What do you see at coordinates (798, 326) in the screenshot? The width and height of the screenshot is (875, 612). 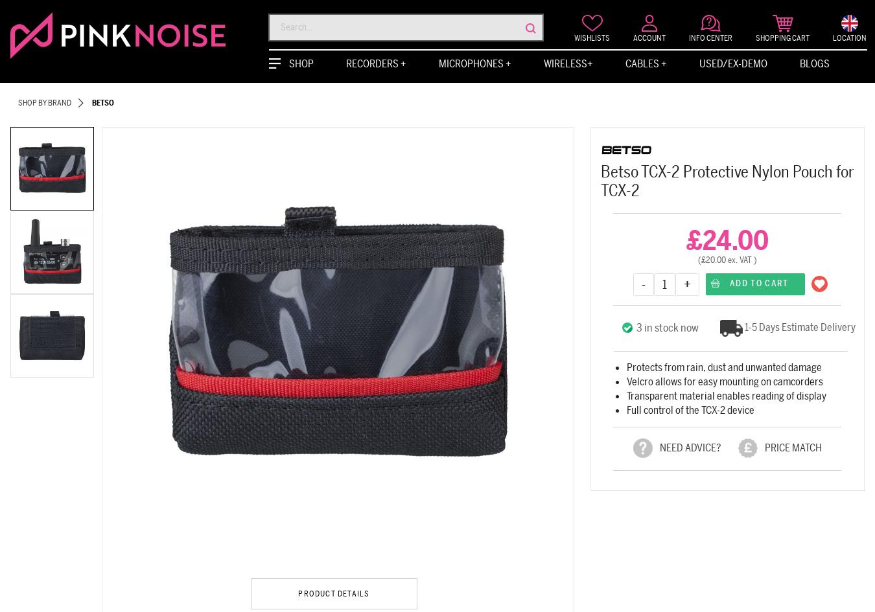 I see `'1-5 Days Estimate Delivery'` at bounding box center [798, 326].